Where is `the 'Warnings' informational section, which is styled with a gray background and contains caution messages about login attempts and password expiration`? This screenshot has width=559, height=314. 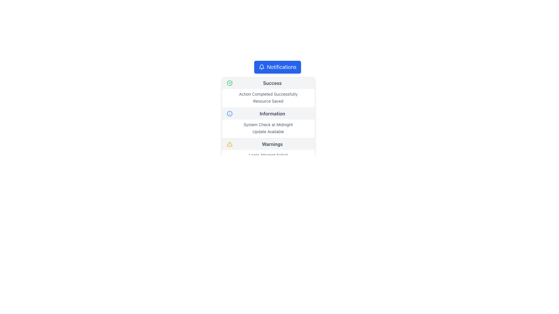
the 'Warnings' informational section, which is styled with a gray background and contains caution messages about login attempts and password expiration is located at coordinates (268, 153).